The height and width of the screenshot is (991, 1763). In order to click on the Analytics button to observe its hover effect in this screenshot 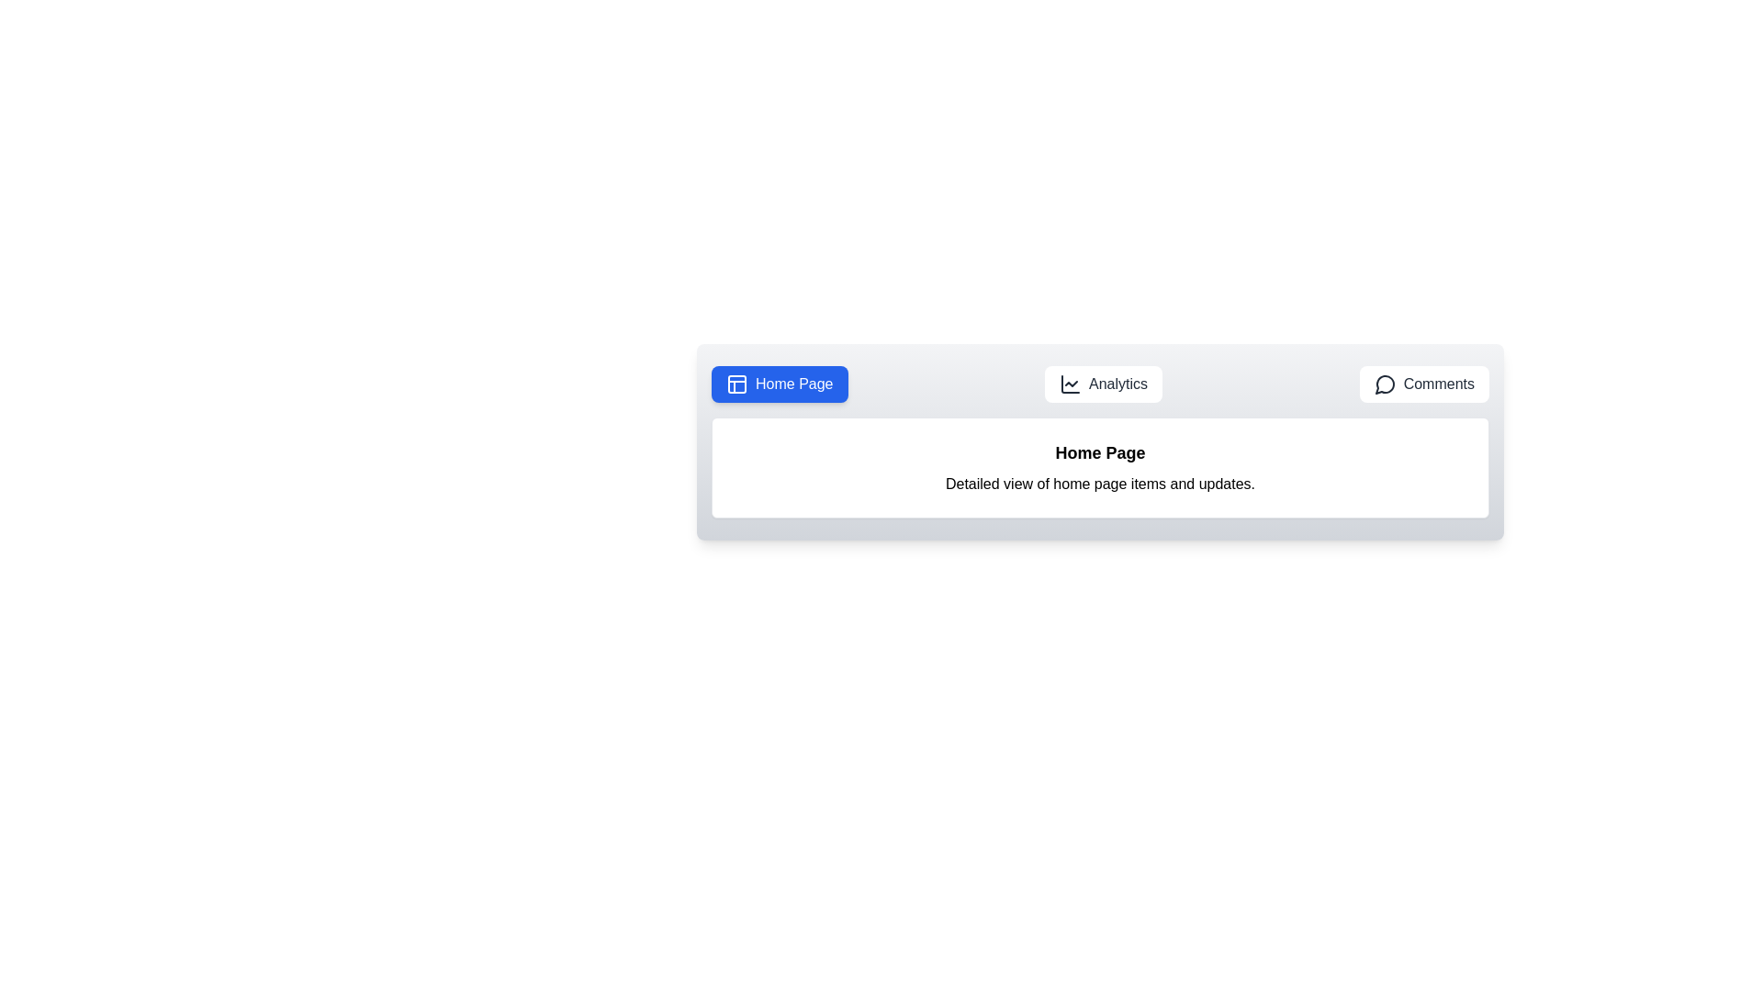, I will do `click(1103, 384)`.